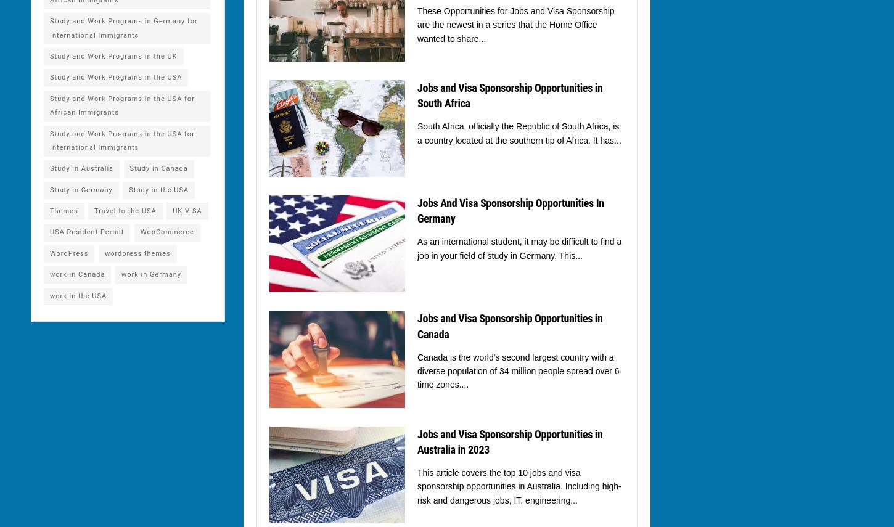 The width and height of the screenshot is (894, 527). Describe the element at coordinates (166, 231) in the screenshot. I see `'WooCommerce'` at that location.